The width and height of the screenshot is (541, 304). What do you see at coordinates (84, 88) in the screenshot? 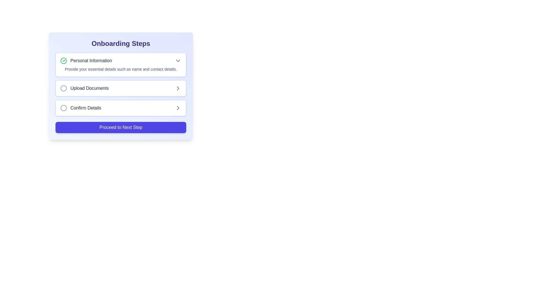
I see `the second navigation item in the onboarding steps panel` at bounding box center [84, 88].